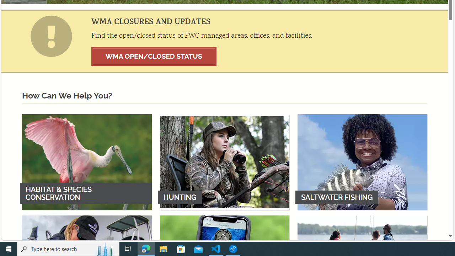 The image size is (455, 256). What do you see at coordinates (86, 162) in the screenshot?
I see `'HABITAT & SPECIES CONSERVATION'` at bounding box center [86, 162].